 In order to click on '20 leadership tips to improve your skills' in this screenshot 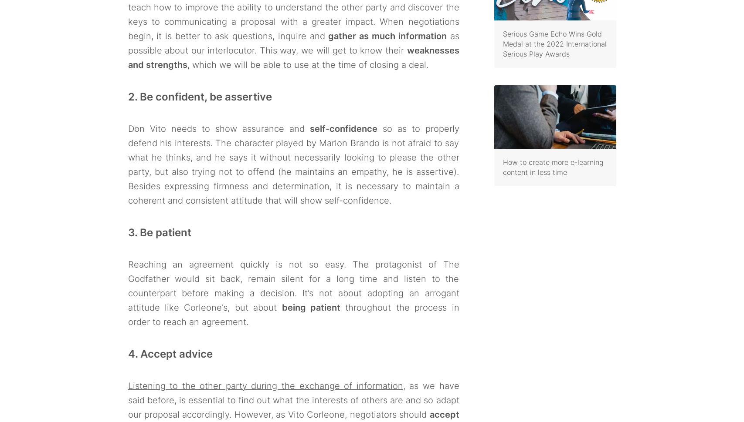, I will do `click(550, 32)`.